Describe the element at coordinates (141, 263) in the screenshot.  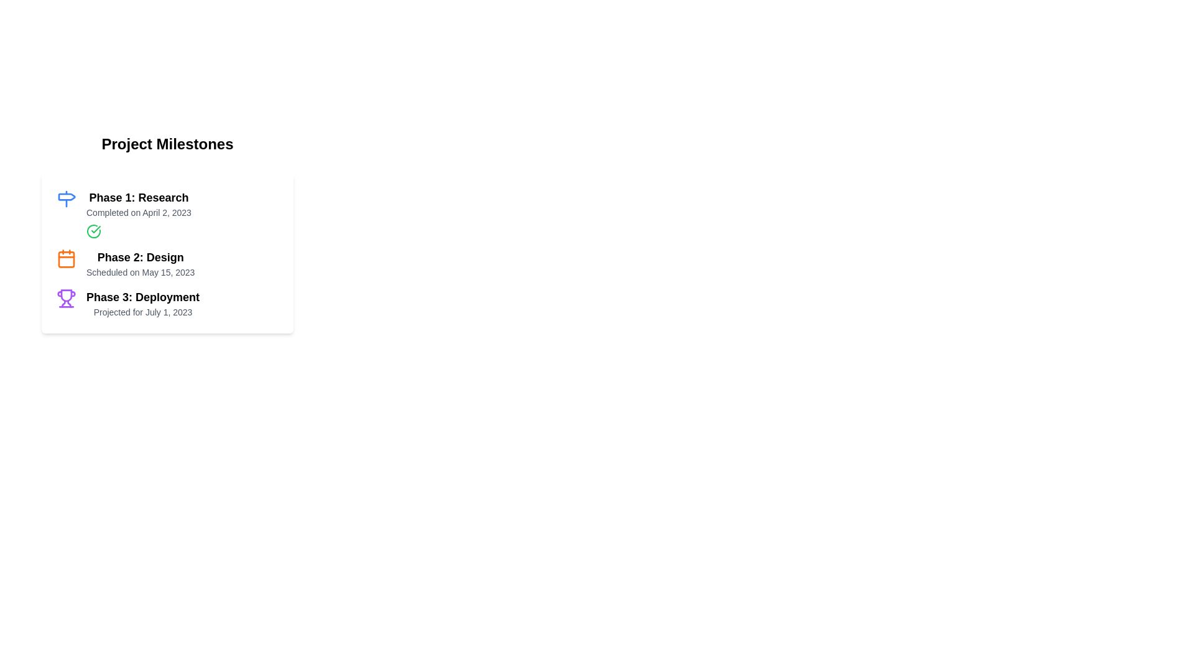
I see `the text block containing styled text that displays 'Phase 2: Design' in bold and 'Scheduled on May 15, 2023' in smaller gray font, indicating a project milestone` at that location.